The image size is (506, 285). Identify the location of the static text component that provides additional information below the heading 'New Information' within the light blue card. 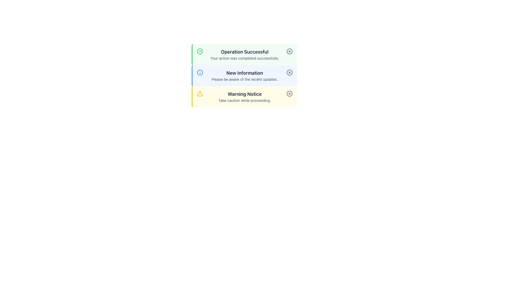
(244, 79).